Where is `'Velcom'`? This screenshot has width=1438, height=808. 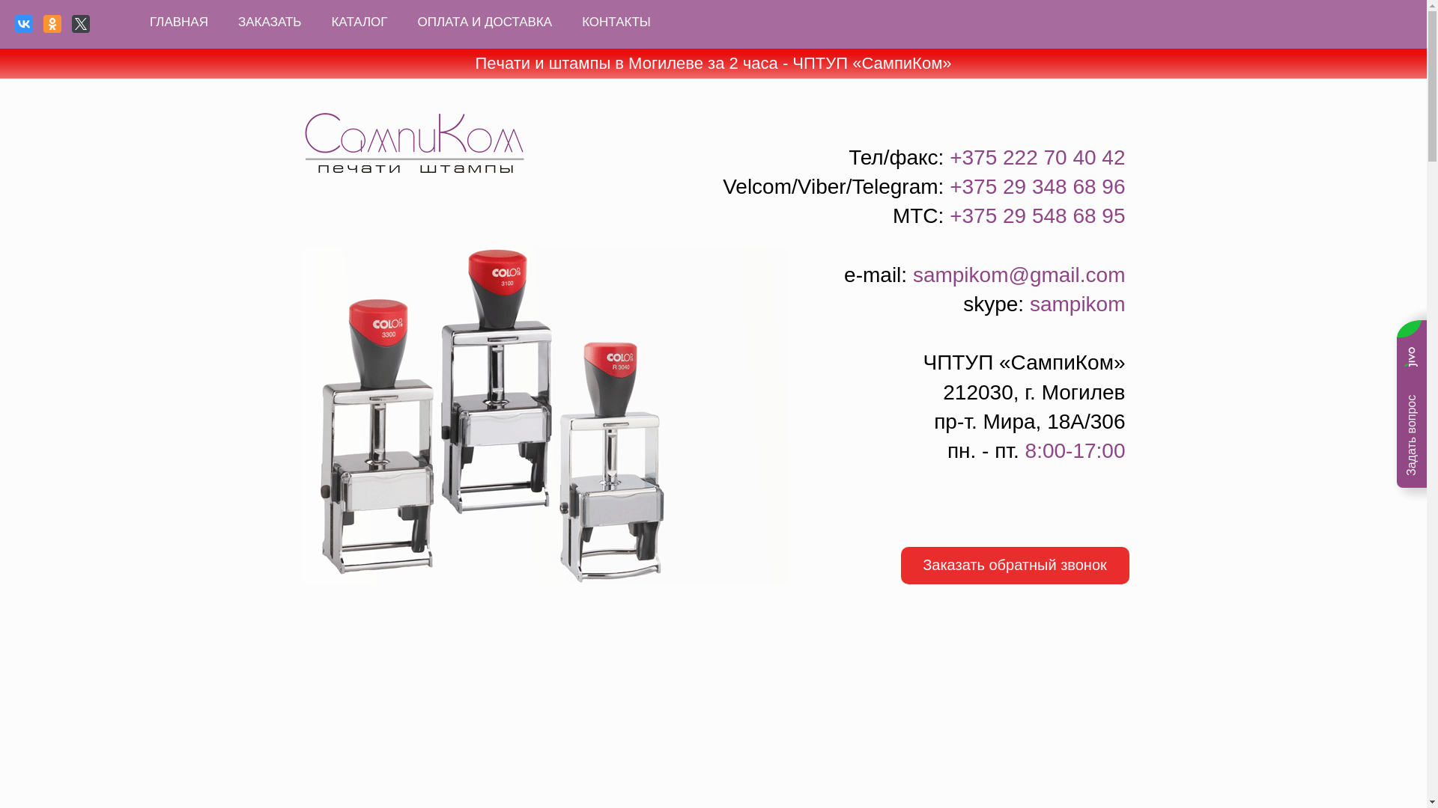 'Velcom' is located at coordinates (757, 186).